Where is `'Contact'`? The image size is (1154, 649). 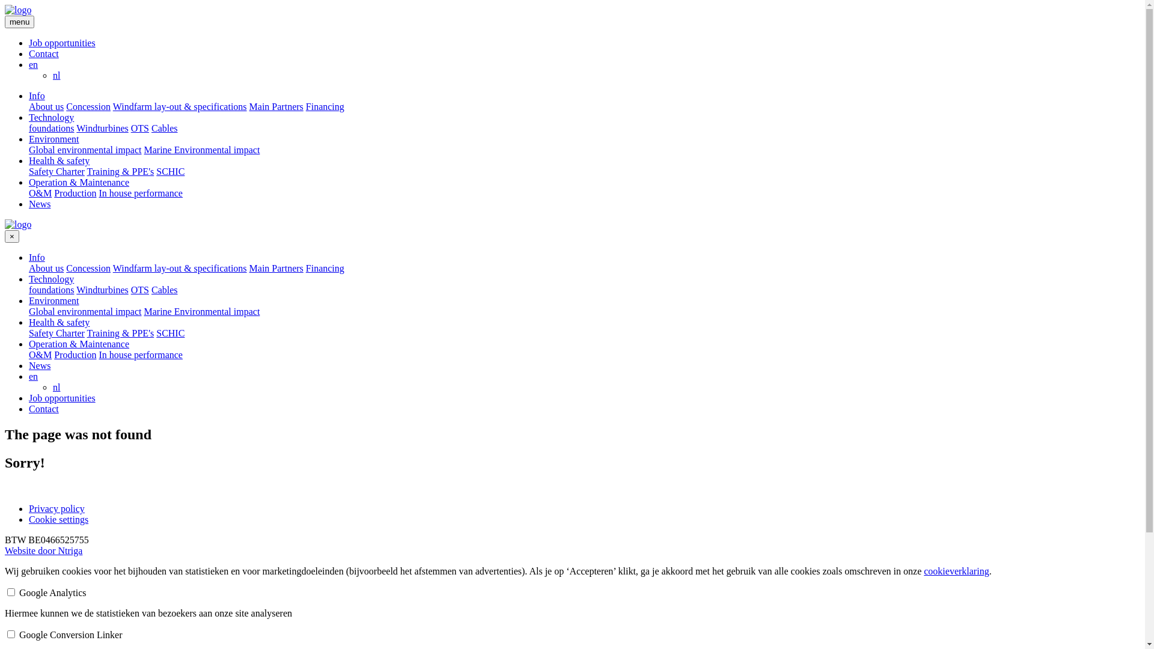 'Contact' is located at coordinates (43, 53).